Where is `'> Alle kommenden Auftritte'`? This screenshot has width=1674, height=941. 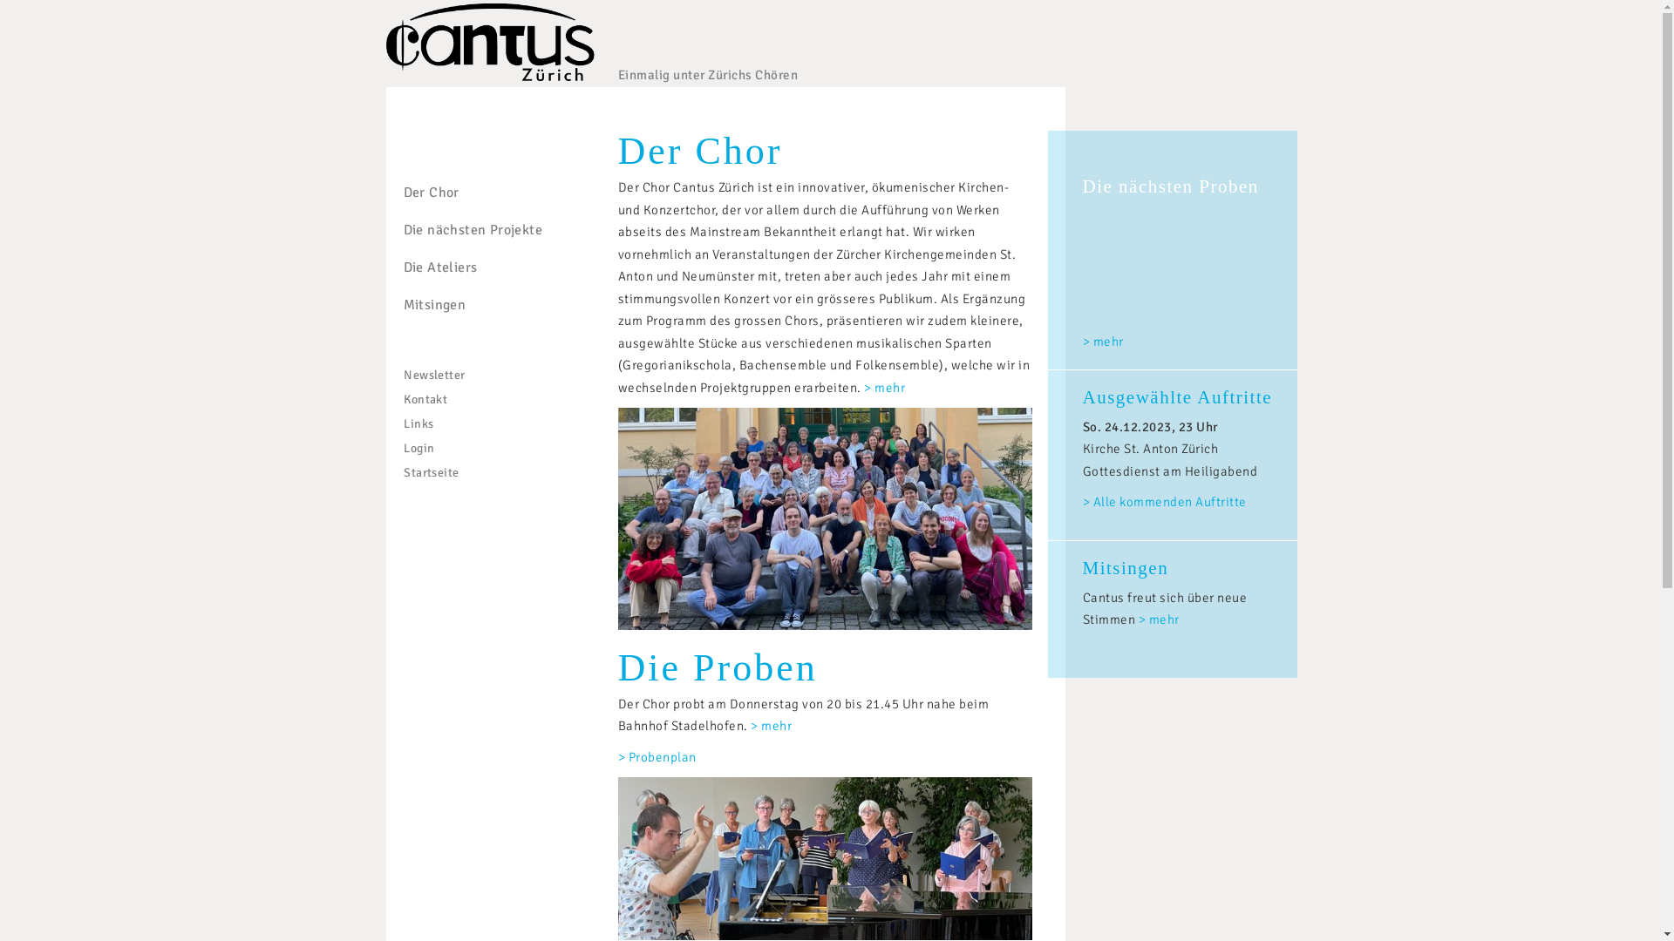
'> Alle kommenden Auftritte' is located at coordinates (1082, 501).